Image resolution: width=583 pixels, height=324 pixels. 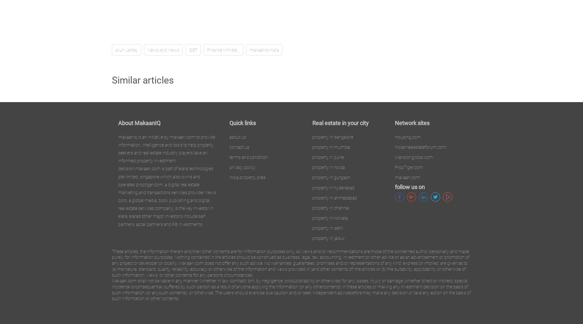 I want to click on 'Quick links', so click(x=242, y=123).